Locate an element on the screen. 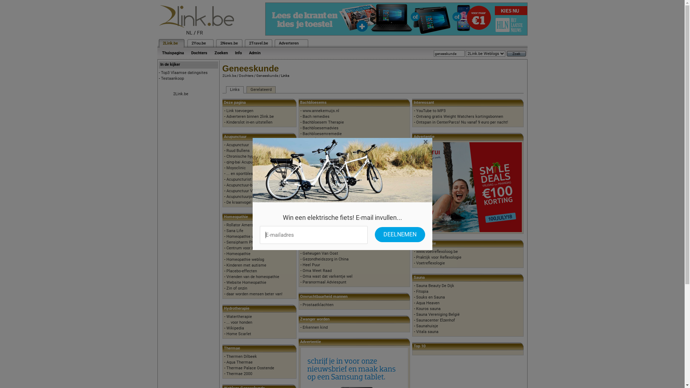 This screenshot has height=388, width=690. '2Link.be' is located at coordinates (170, 43).